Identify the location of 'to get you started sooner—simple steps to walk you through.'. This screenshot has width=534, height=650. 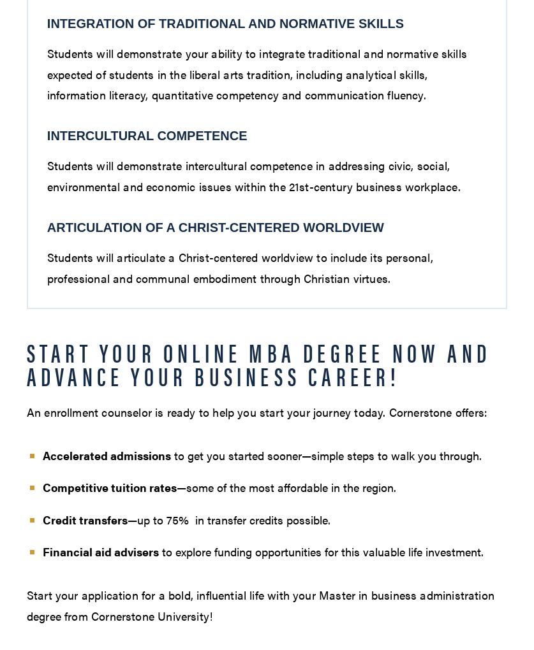
(325, 454).